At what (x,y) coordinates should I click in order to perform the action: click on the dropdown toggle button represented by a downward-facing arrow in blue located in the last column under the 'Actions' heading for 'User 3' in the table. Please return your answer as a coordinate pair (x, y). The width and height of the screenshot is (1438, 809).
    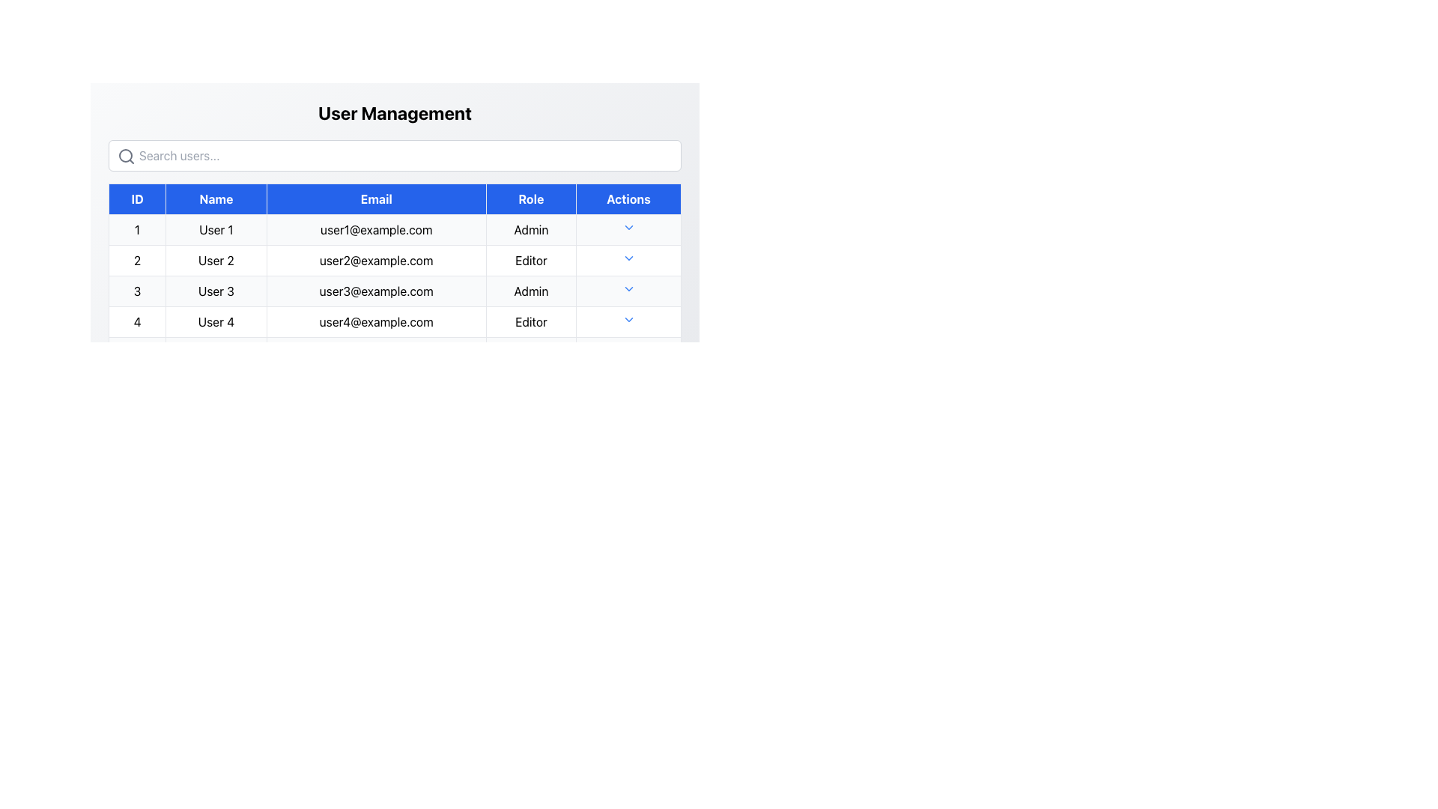
    Looking at the image, I should click on (628, 291).